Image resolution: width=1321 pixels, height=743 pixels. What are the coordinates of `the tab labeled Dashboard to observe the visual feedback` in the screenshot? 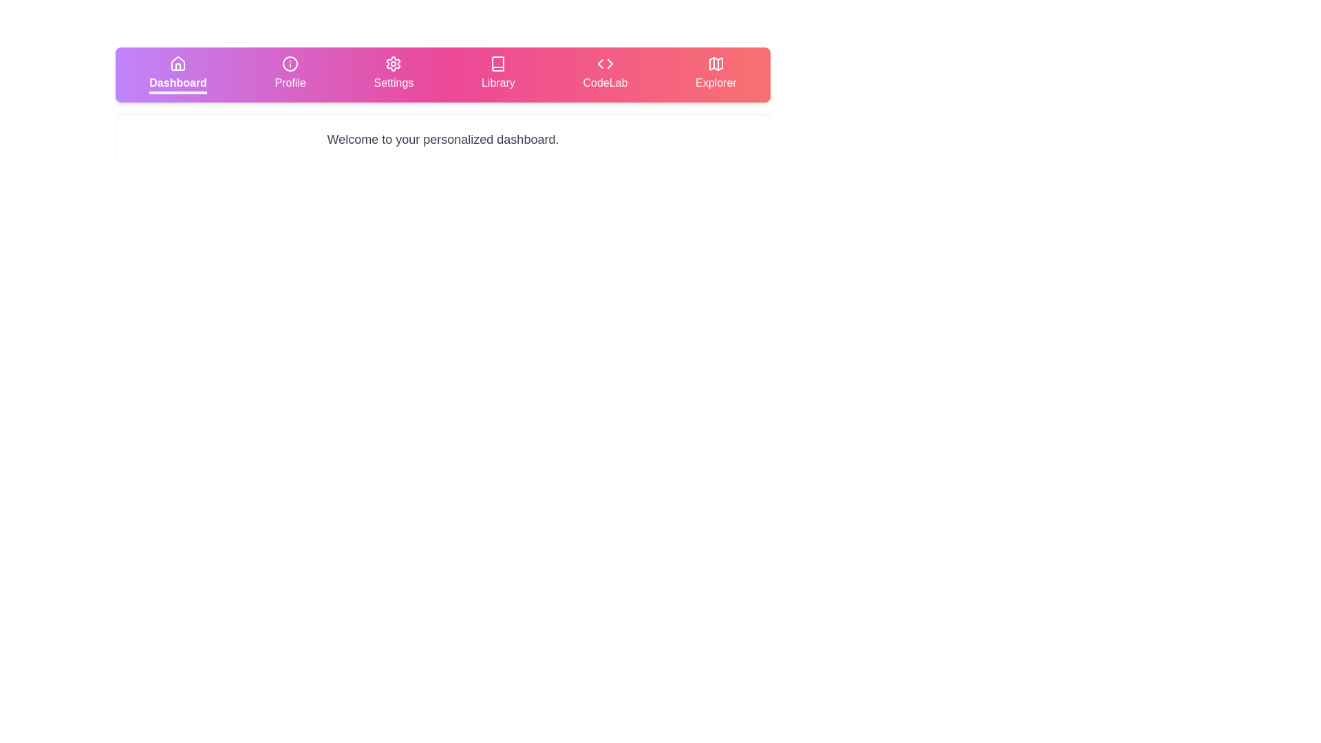 It's located at (178, 74).